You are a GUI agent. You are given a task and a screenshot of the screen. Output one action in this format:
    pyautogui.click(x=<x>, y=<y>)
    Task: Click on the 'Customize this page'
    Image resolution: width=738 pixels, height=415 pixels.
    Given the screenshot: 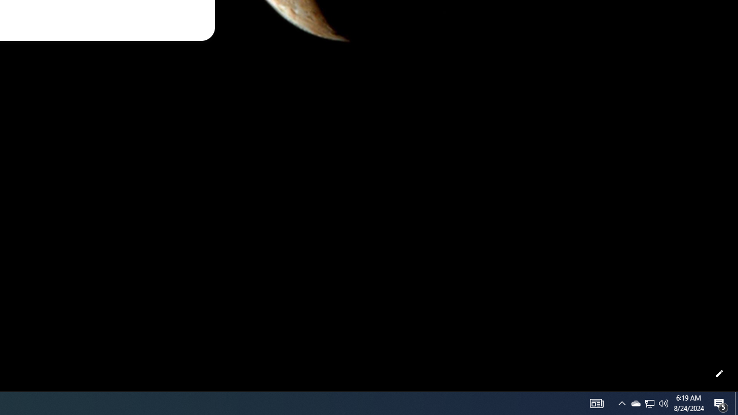 What is the action you would take?
    pyautogui.click(x=719, y=373)
    